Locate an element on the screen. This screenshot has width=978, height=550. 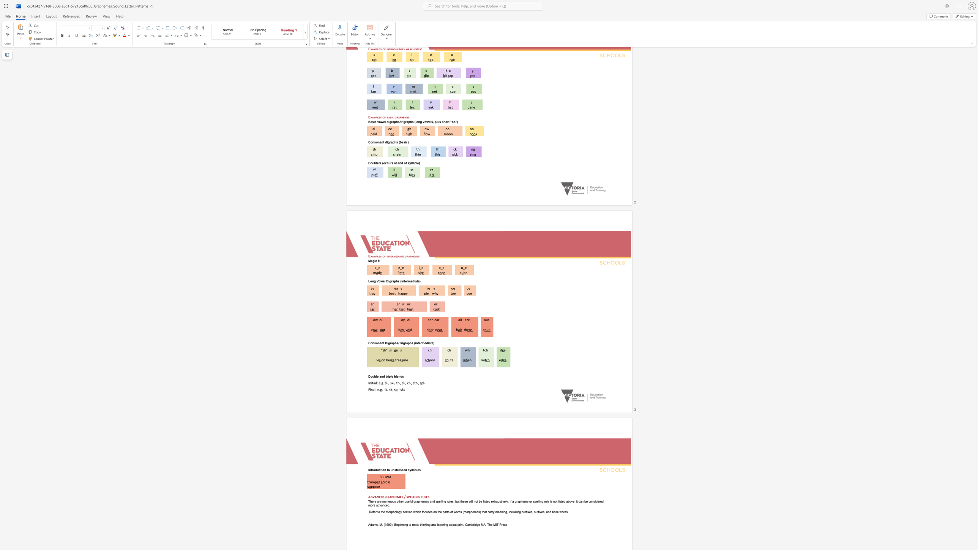
the space between the continuous character "g" and "e" in the text is located at coordinates (395, 349).